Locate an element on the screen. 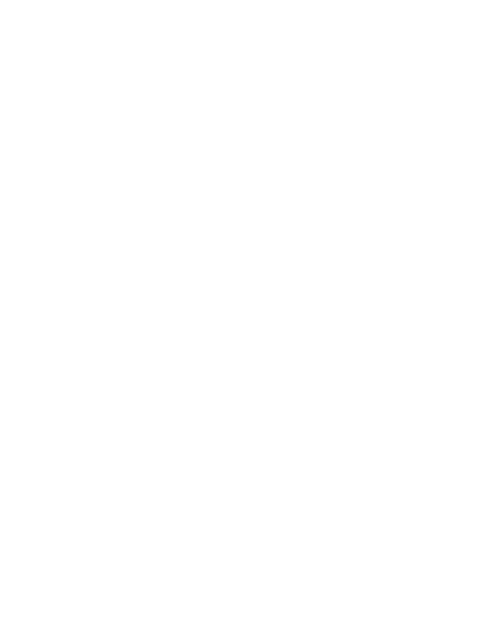 The height and width of the screenshot is (643, 495). 'Yogonet International' is located at coordinates (49, 177).